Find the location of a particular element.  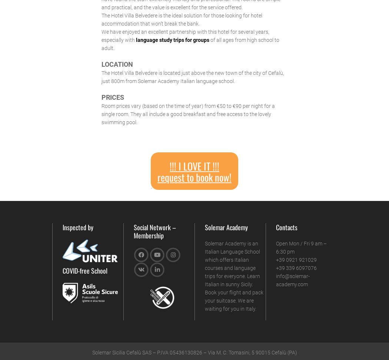

'We have enjoyed an excellent partnership with this hotel for several years, especially with' is located at coordinates (184, 35).